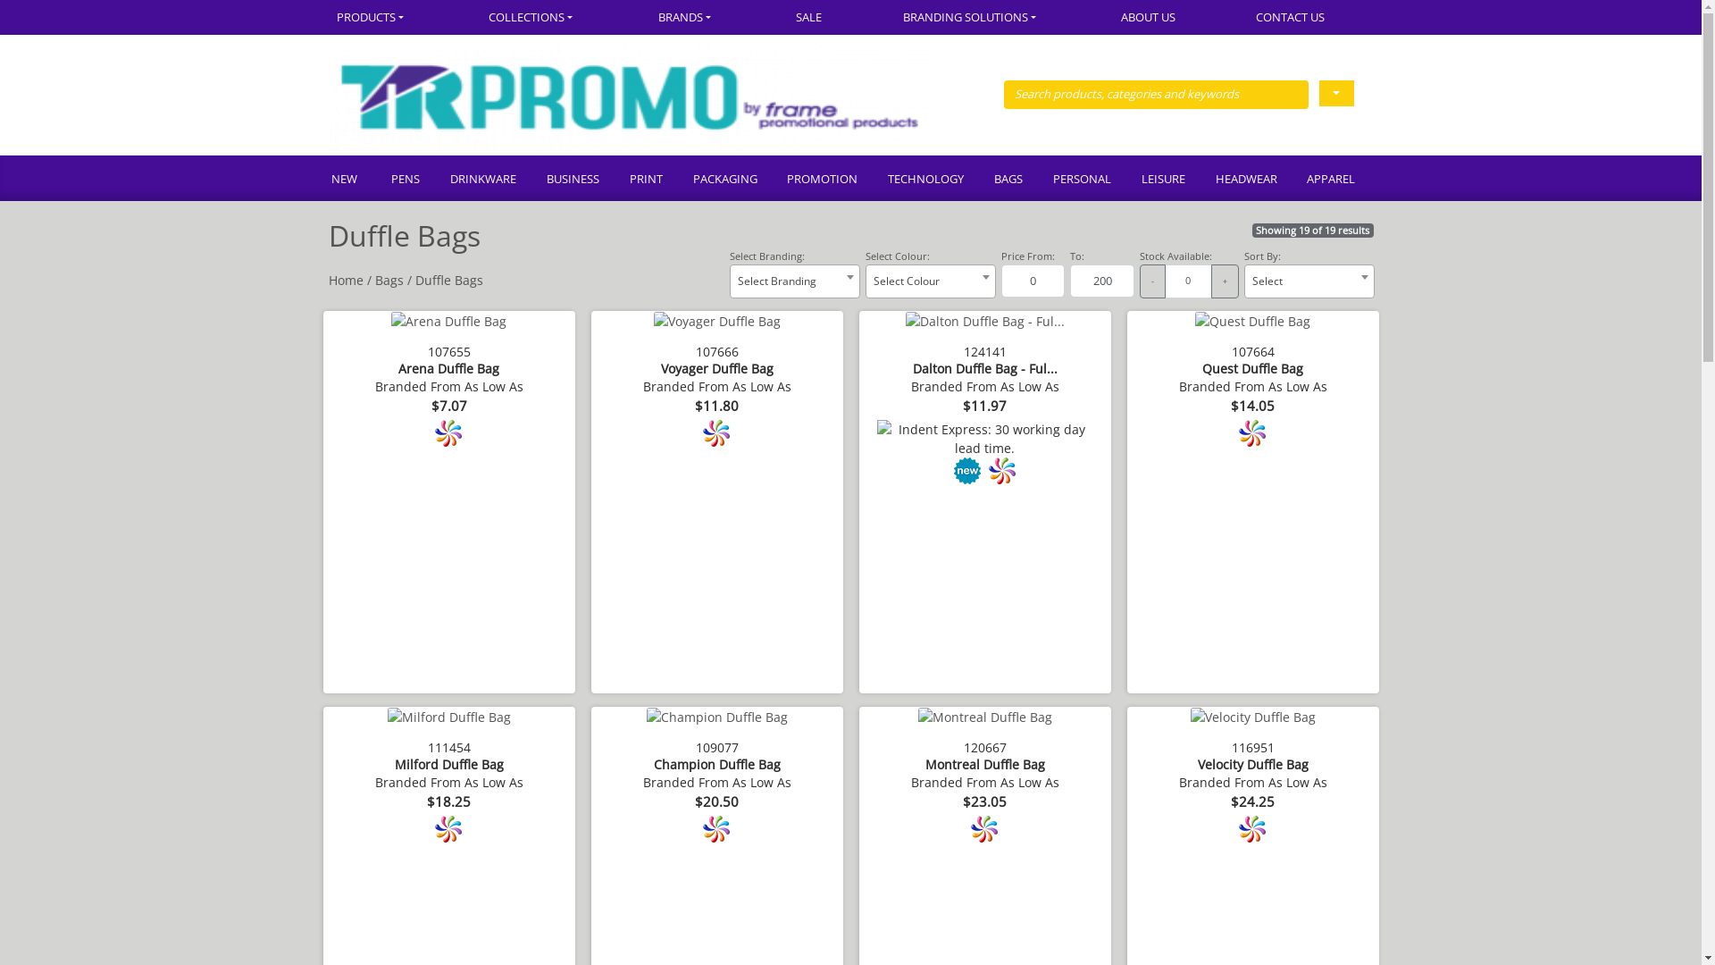  Describe the element at coordinates (481, 180) in the screenshot. I see `'DRINKWARE'` at that location.